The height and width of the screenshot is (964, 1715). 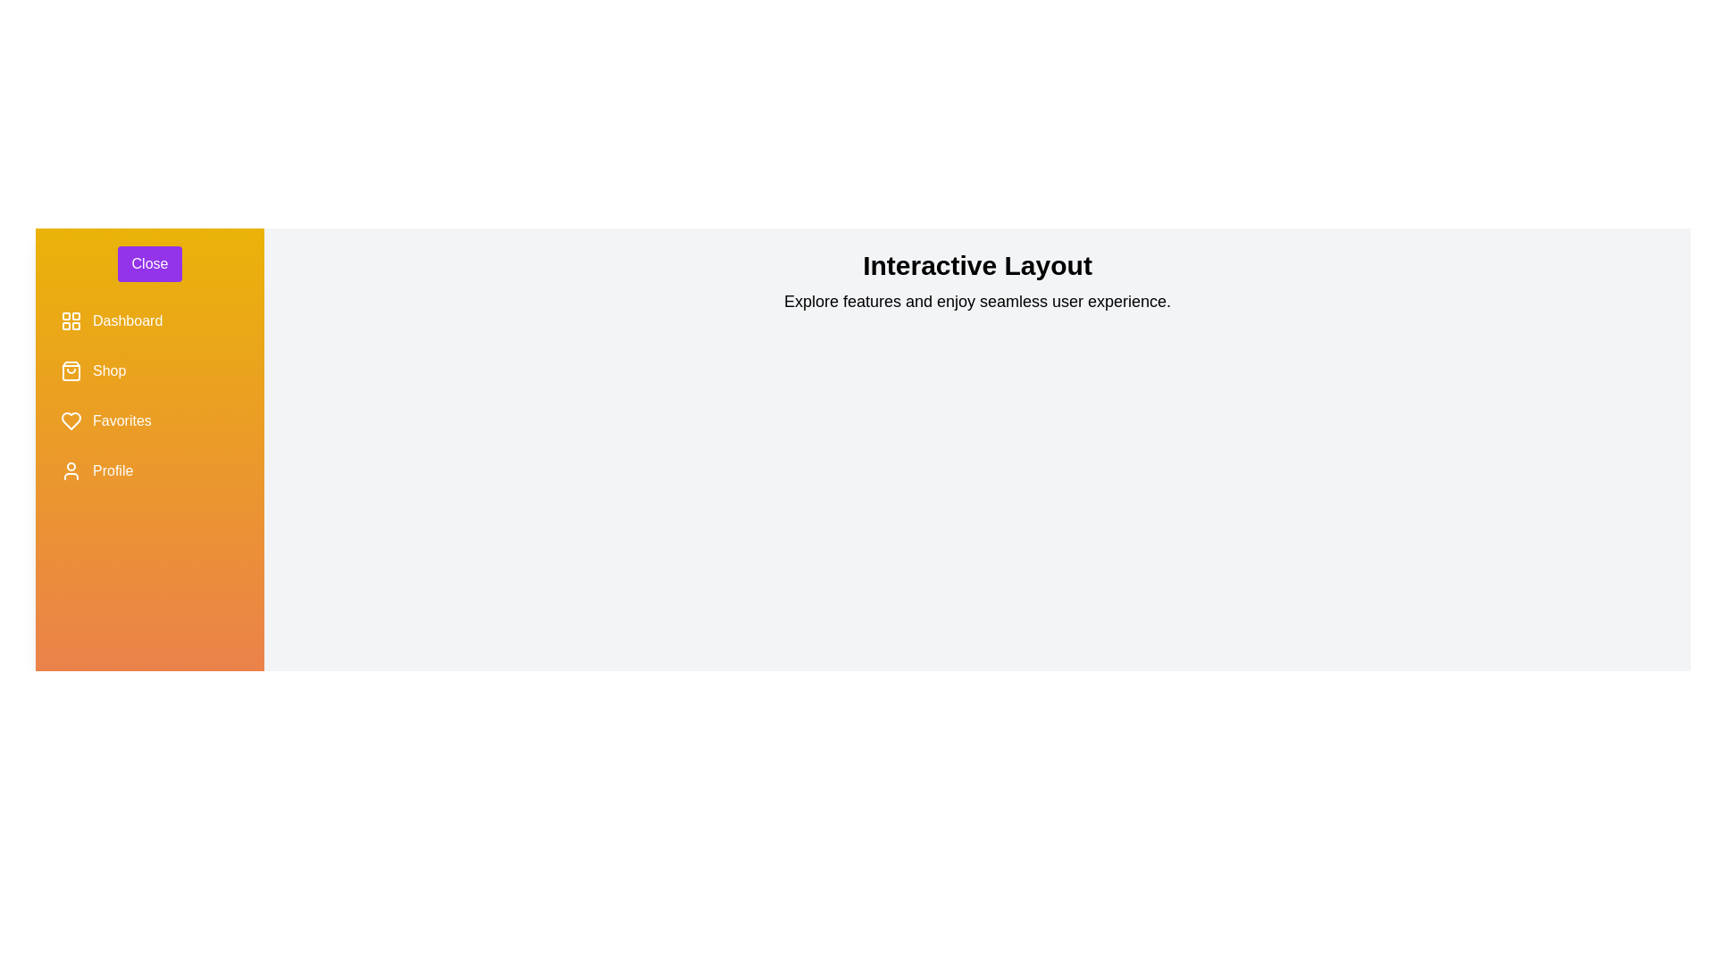 What do you see at coordinates (150, 370) in the screenshot?
I see `the menu item Shop in the sidebar` at bounding box center [150, 370].